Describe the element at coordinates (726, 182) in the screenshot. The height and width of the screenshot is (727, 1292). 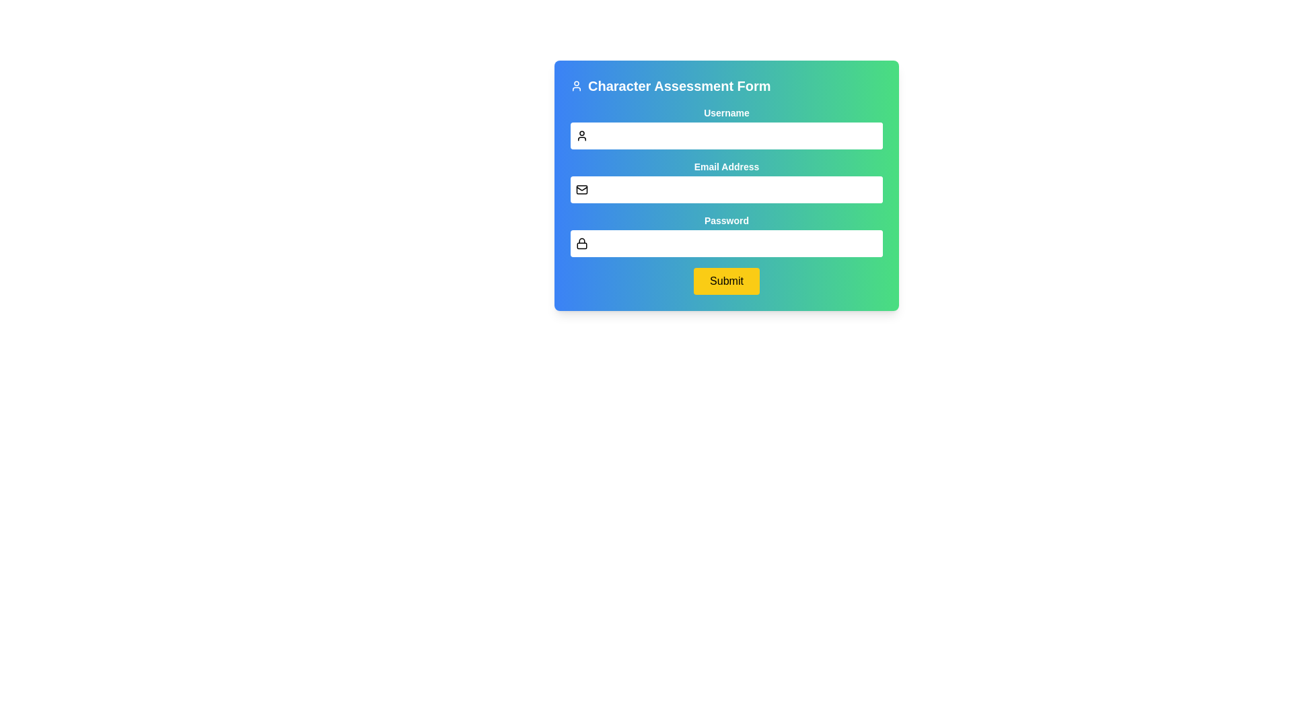
I see `the email input field label, which is the second element in the form layout` at that location.